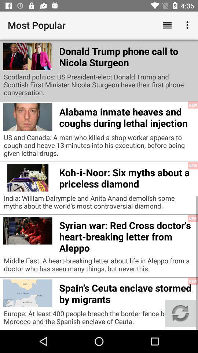 This screenshot has width=198, height=353. I want to click on app below the india william dalrymple item, so click(126, 235).